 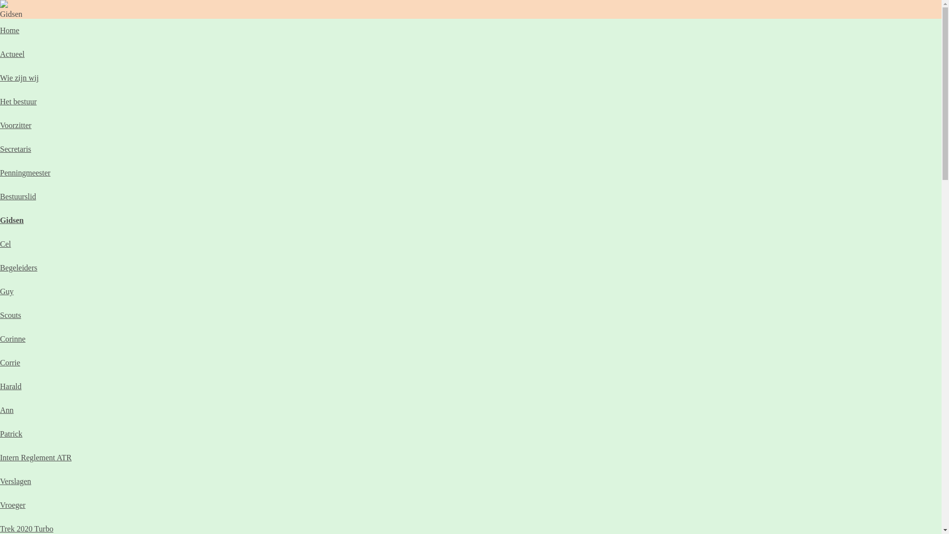 I want to click on 'Voorzitter', so click(x=16, y=125).